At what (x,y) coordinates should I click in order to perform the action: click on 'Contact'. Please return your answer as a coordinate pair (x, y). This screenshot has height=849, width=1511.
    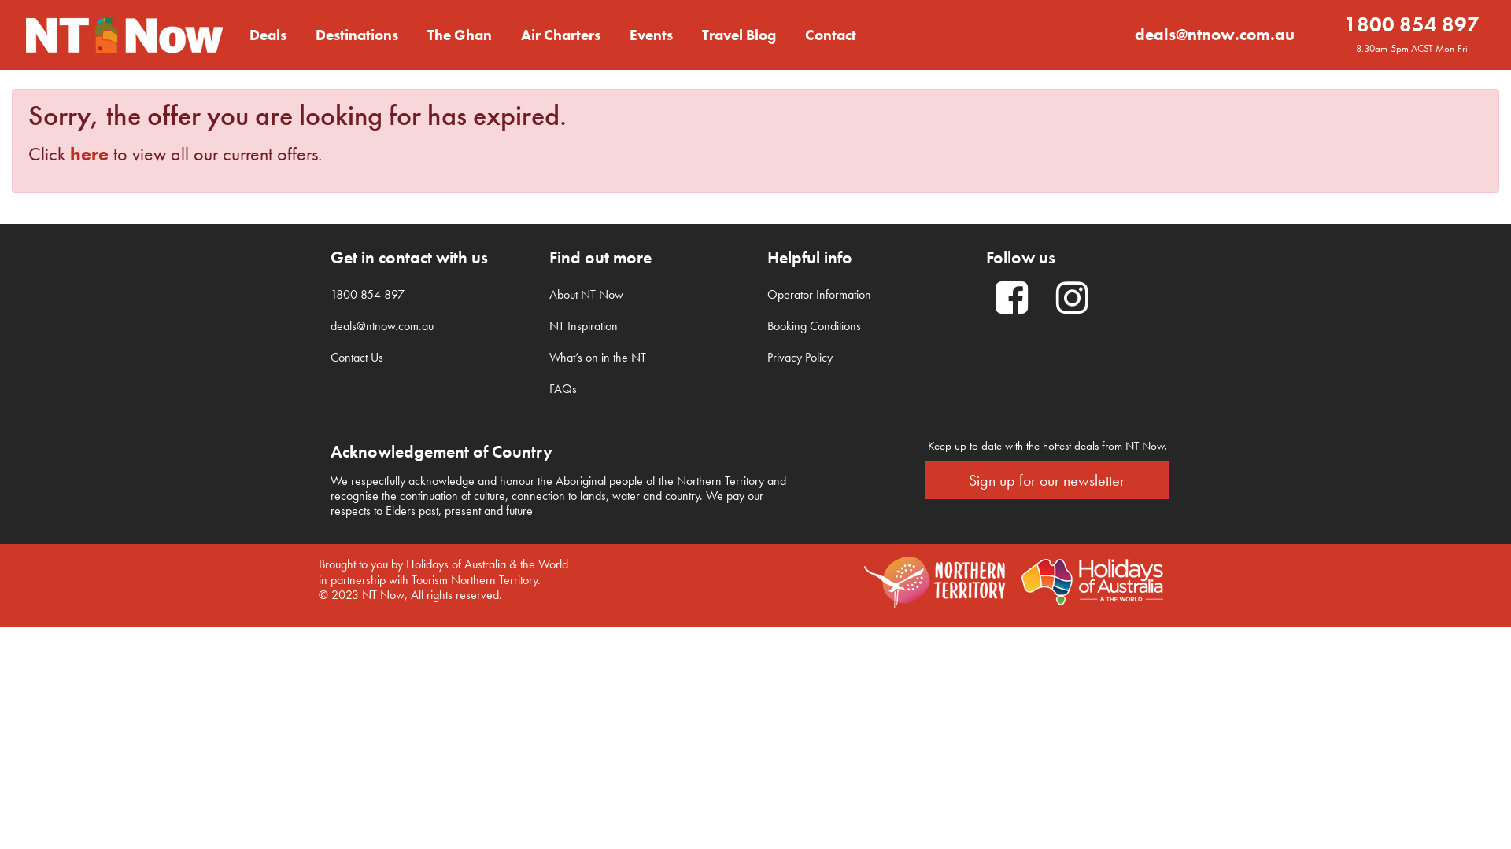
    Looking at the image, I should click on (798, 35).